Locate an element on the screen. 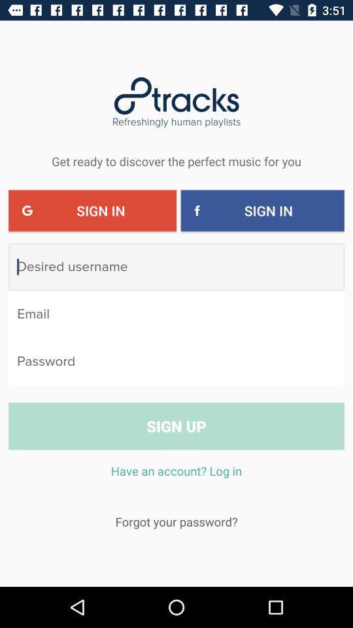 The image size is (353, 628). the forgot your password? is located at coordinates (176, 521).